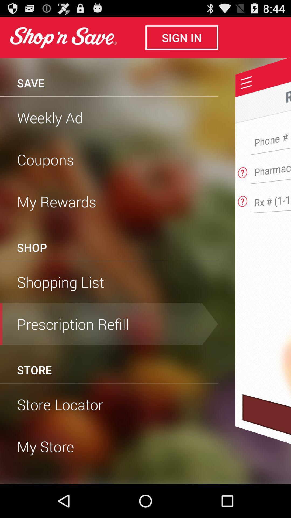 This screenshot has width=291, height=518. Describe the element at coordinates (109, 159) in the screenshot. I see `the icon below weekly ad` at that location.